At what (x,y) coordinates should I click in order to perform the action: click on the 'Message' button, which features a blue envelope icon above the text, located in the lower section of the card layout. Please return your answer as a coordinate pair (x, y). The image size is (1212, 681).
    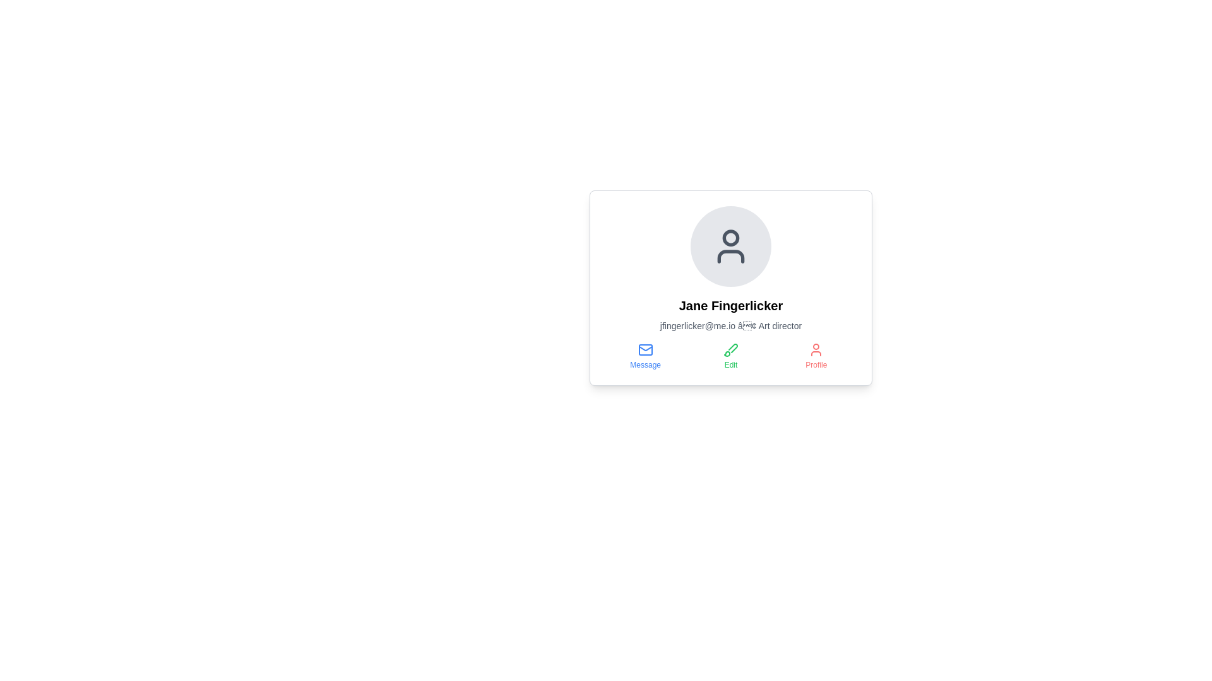
    Looking at the image, I should click on (645, 356).